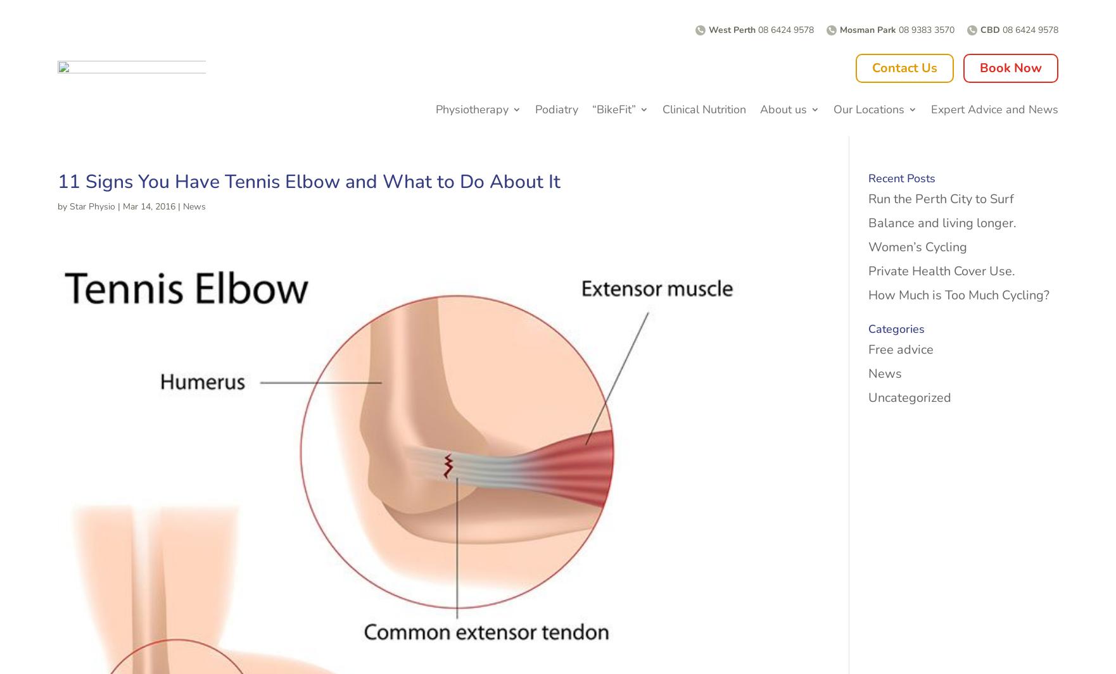 The image size is (1116, 674). I want to click on 'Pilates', so click(458, 275).